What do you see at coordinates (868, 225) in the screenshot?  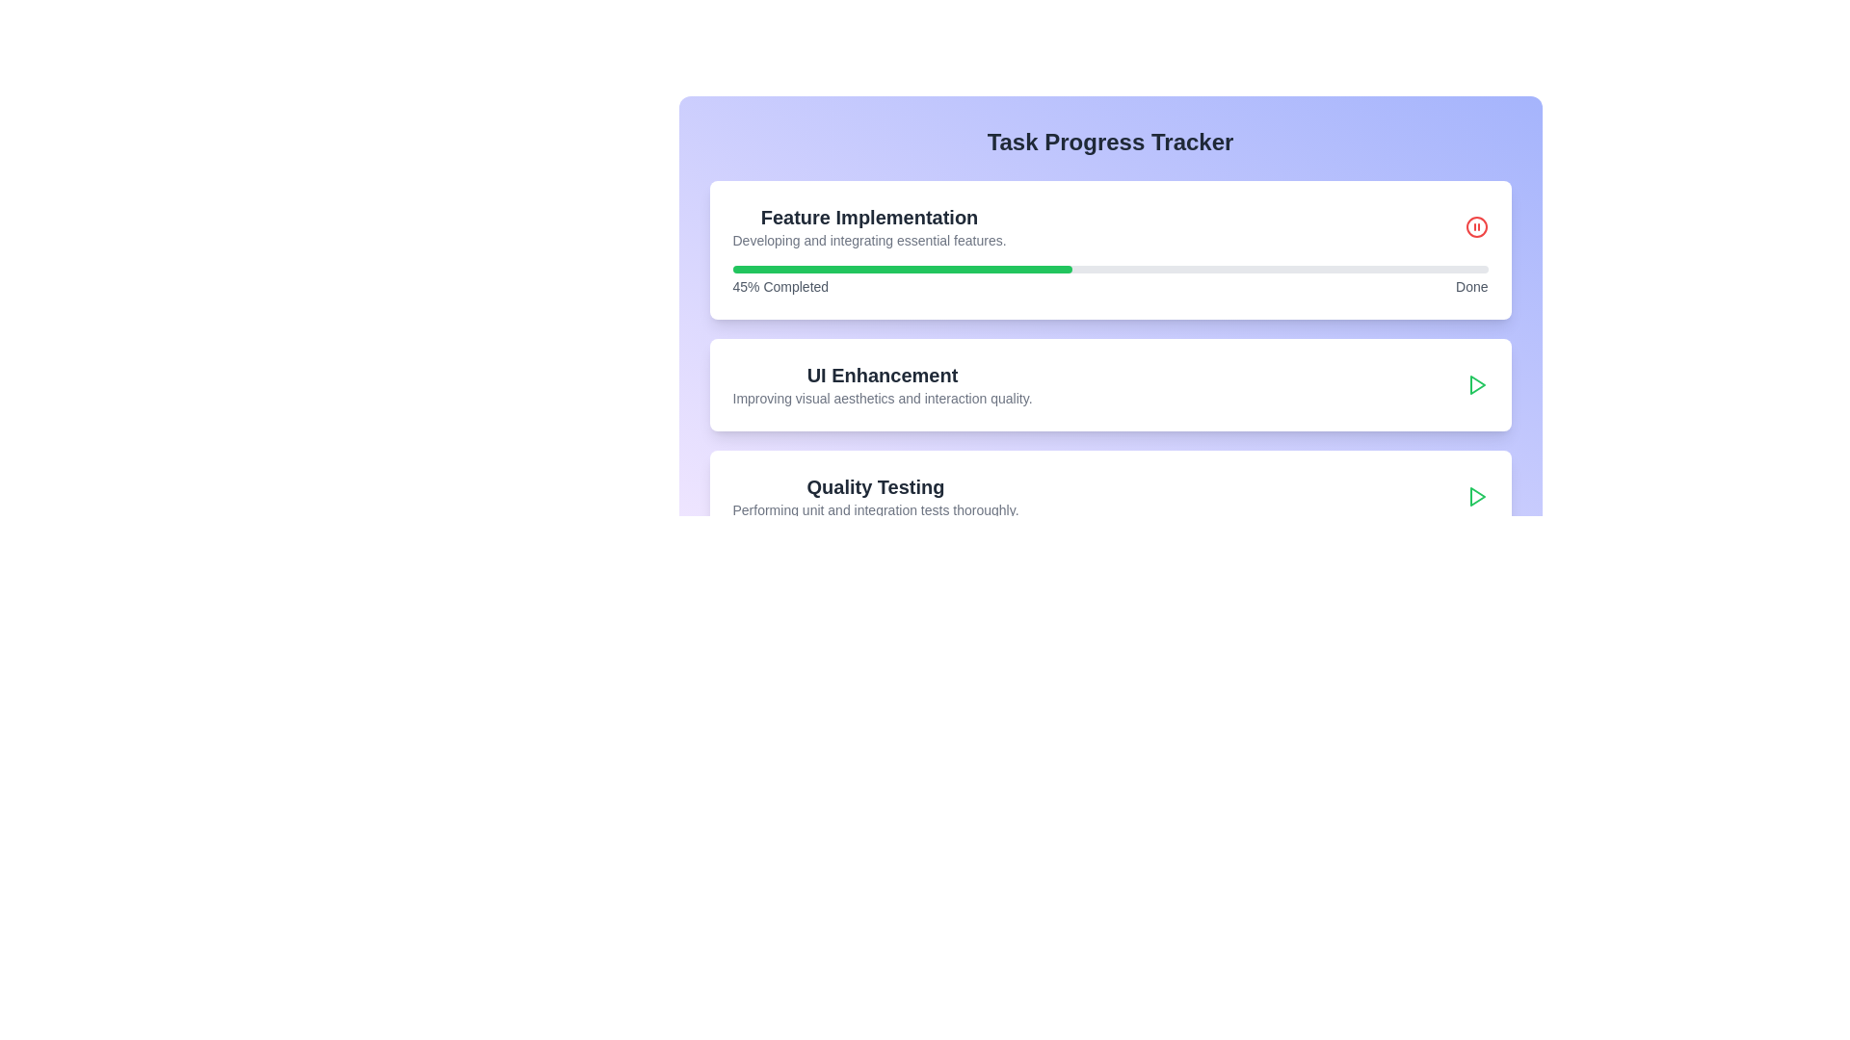 I see `text content from the textual content block titled 'Feature Implementation' which contains two lines of text, with the first line being bold and larger than the second line` at bounding box center [868, 225].